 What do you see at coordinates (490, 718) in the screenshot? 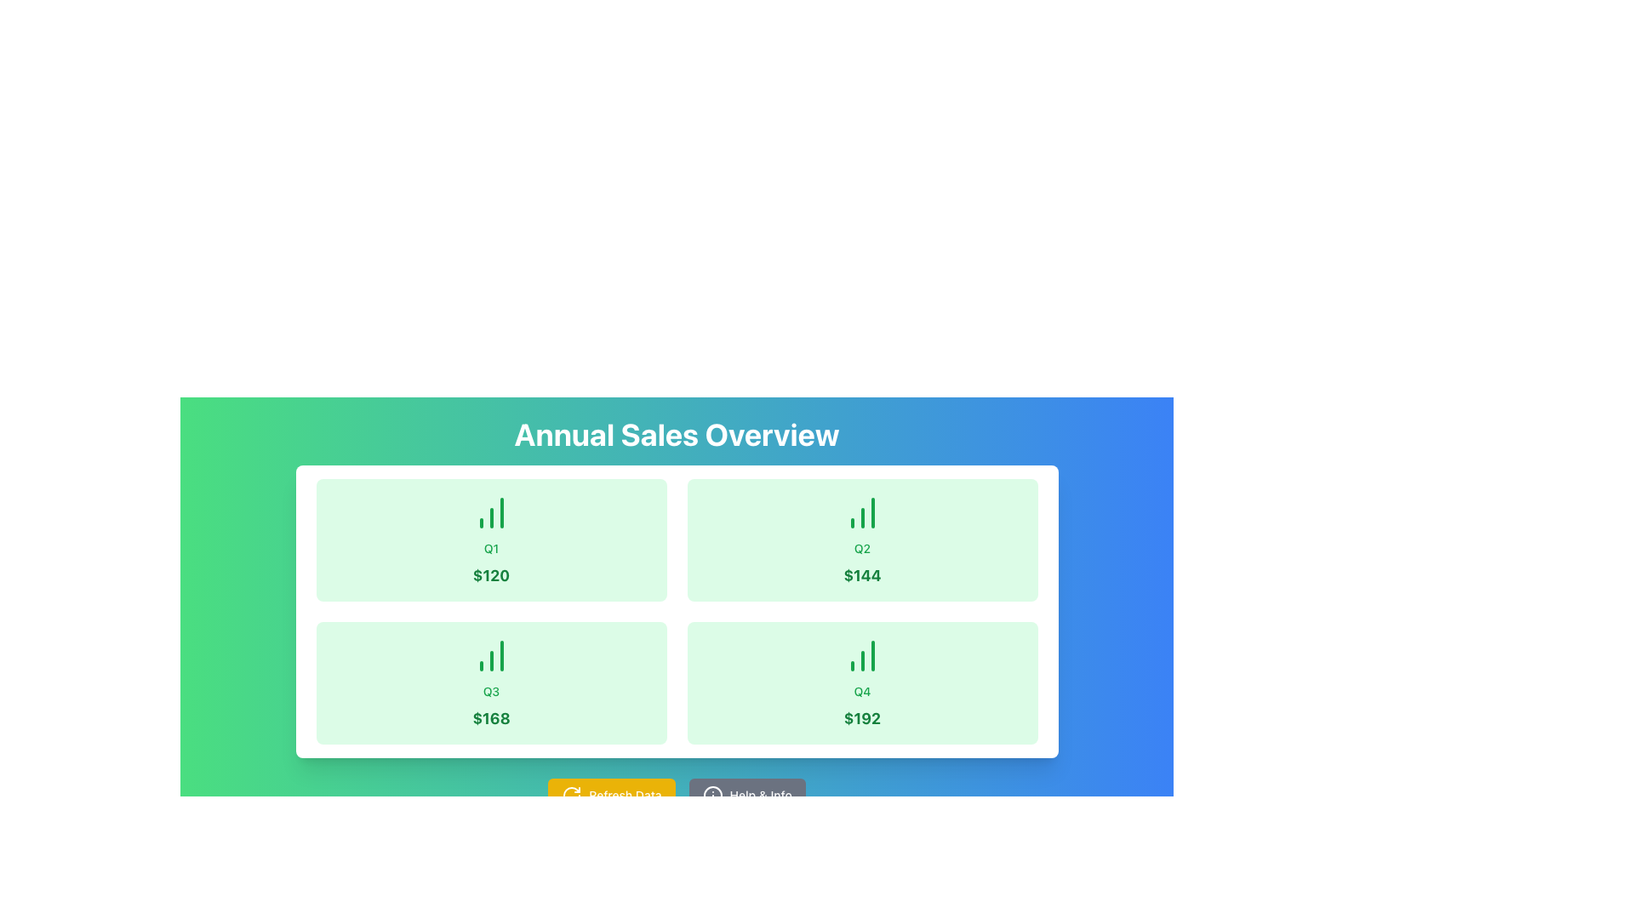
I see `monetary value displayed for the 'Q3' section in the sales overview, located below the 'Q3' text label in the bottom-left quadrant of the grid layout` at bounding box center [490, 718].